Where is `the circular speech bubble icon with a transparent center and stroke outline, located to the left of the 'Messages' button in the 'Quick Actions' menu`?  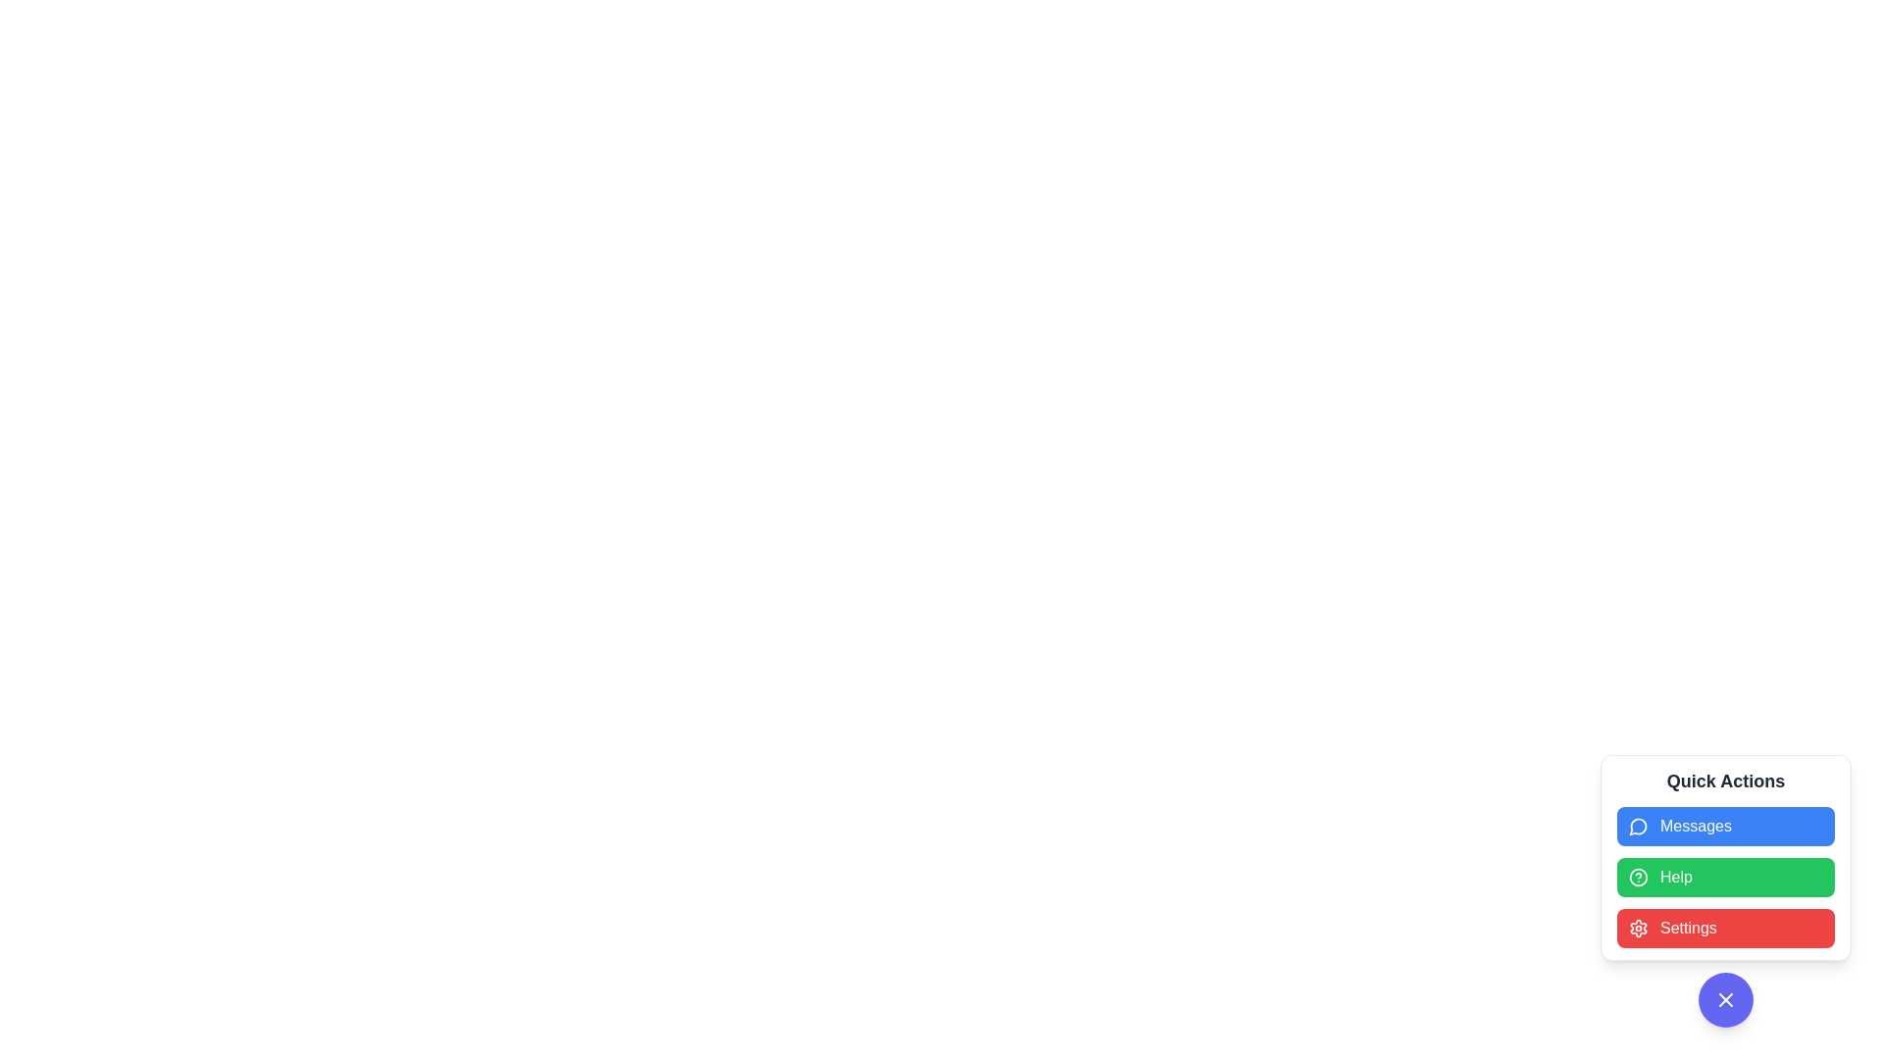
the circular speech bubble icon with a transparent center and stroke outline, located to the left of the 'Messages' button in the 'Quick Actions' menu is located at coordinates (1638, 827).